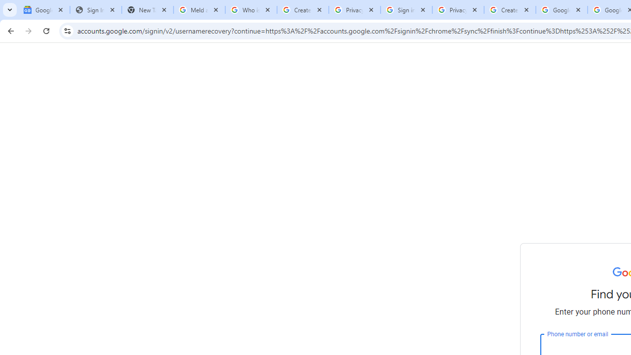 This screenshot has height=355, width=631. I want to click on 'Search tabs', so click(10, 10).